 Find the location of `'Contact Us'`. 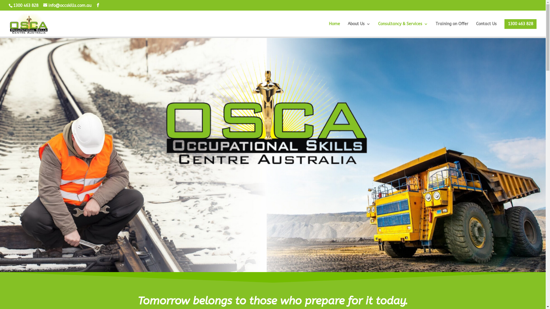

'Contact Us' is located at coordinates (486, 28).